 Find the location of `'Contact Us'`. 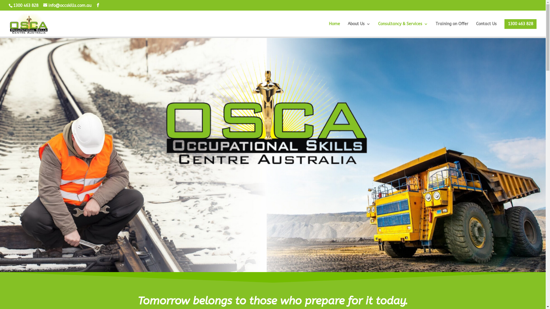

'Contact Us' is located at coordinates (486, 28).